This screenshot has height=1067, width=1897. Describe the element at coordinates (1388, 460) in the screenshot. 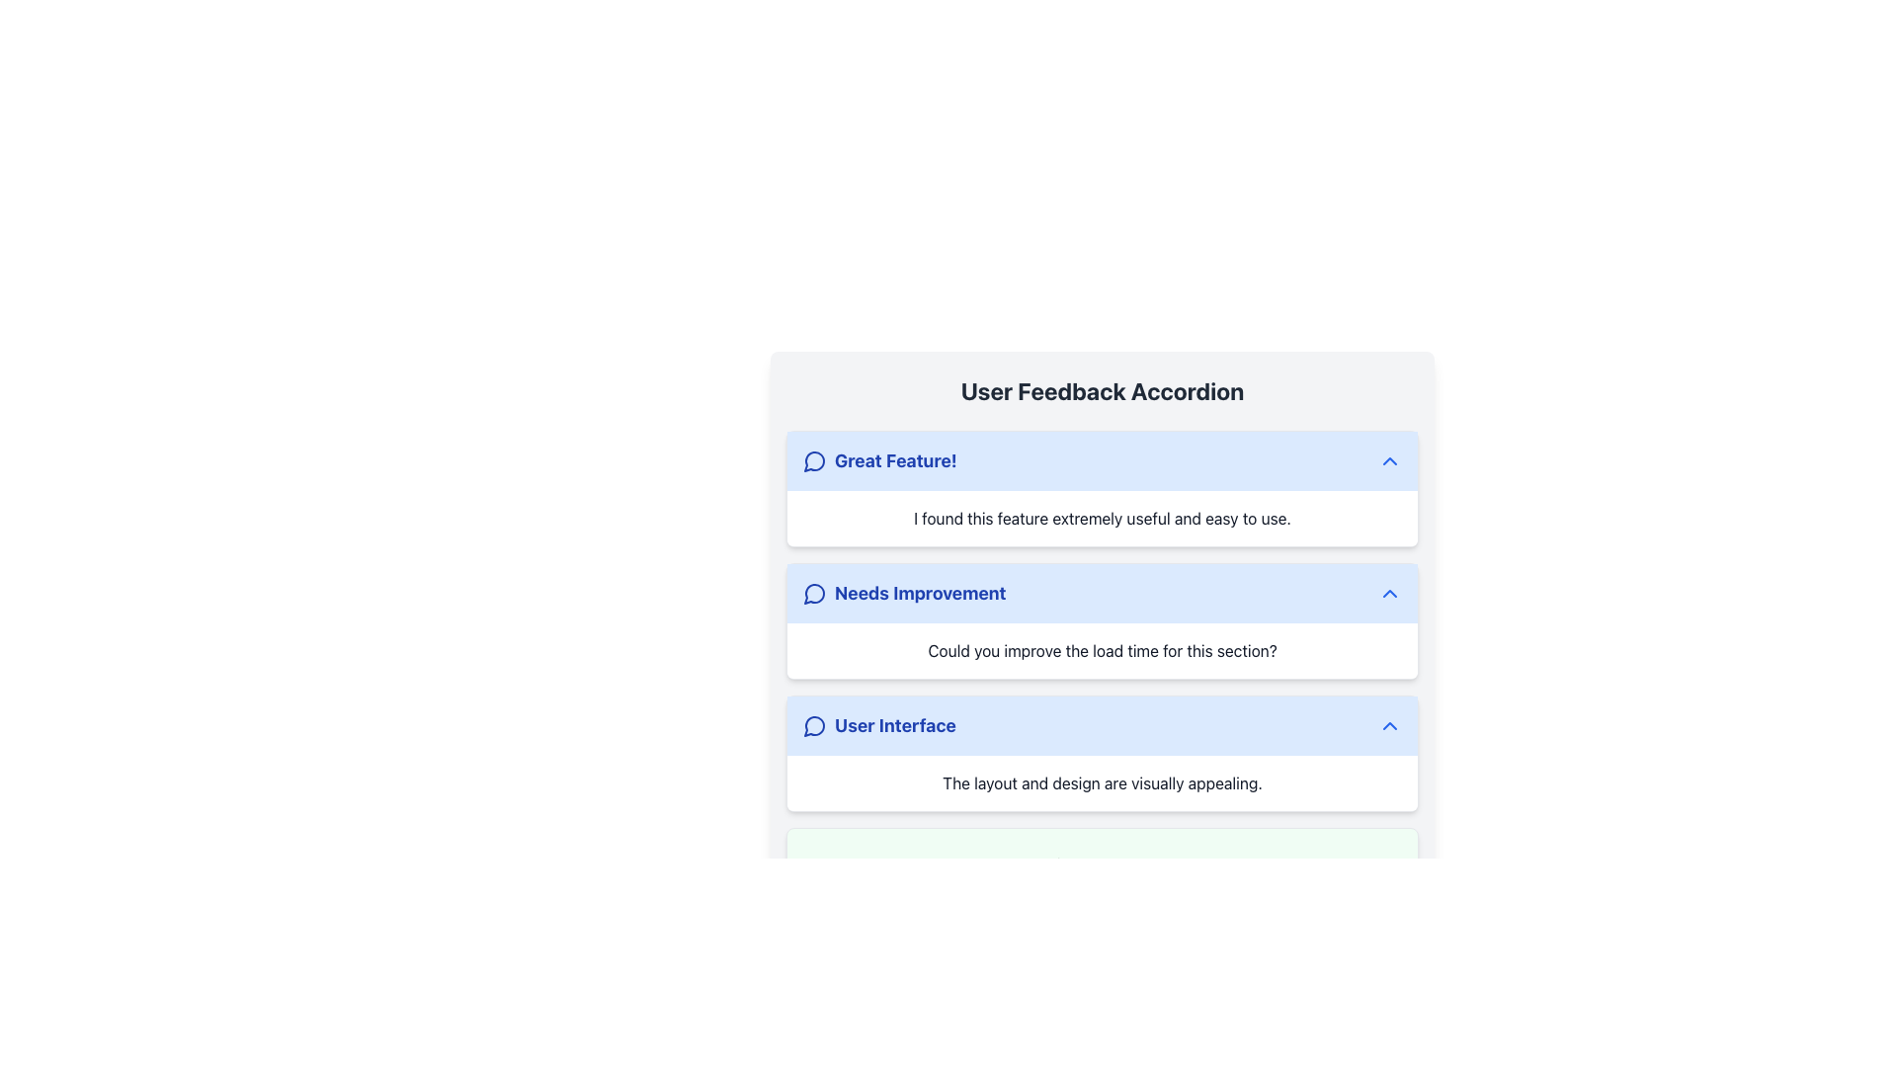

I see `the blue chevron-up icon located at the far right of the 'Great Feature!' section` at that location.